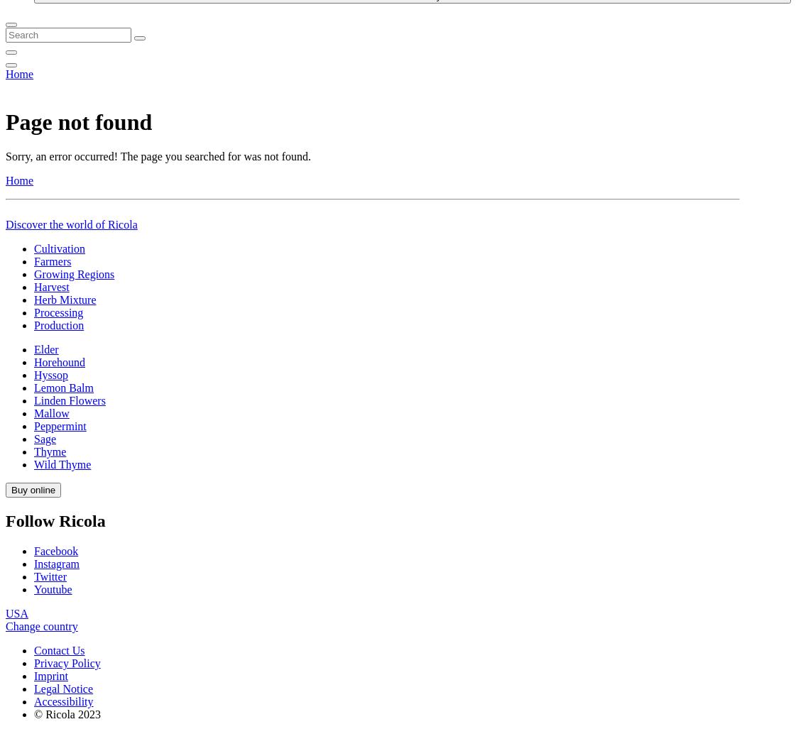 The image size is (808, 729). What do you see at coordinates (73, 684) in the screenshot?
I see `'Growing Regions'` at bounding box center [73, 684].